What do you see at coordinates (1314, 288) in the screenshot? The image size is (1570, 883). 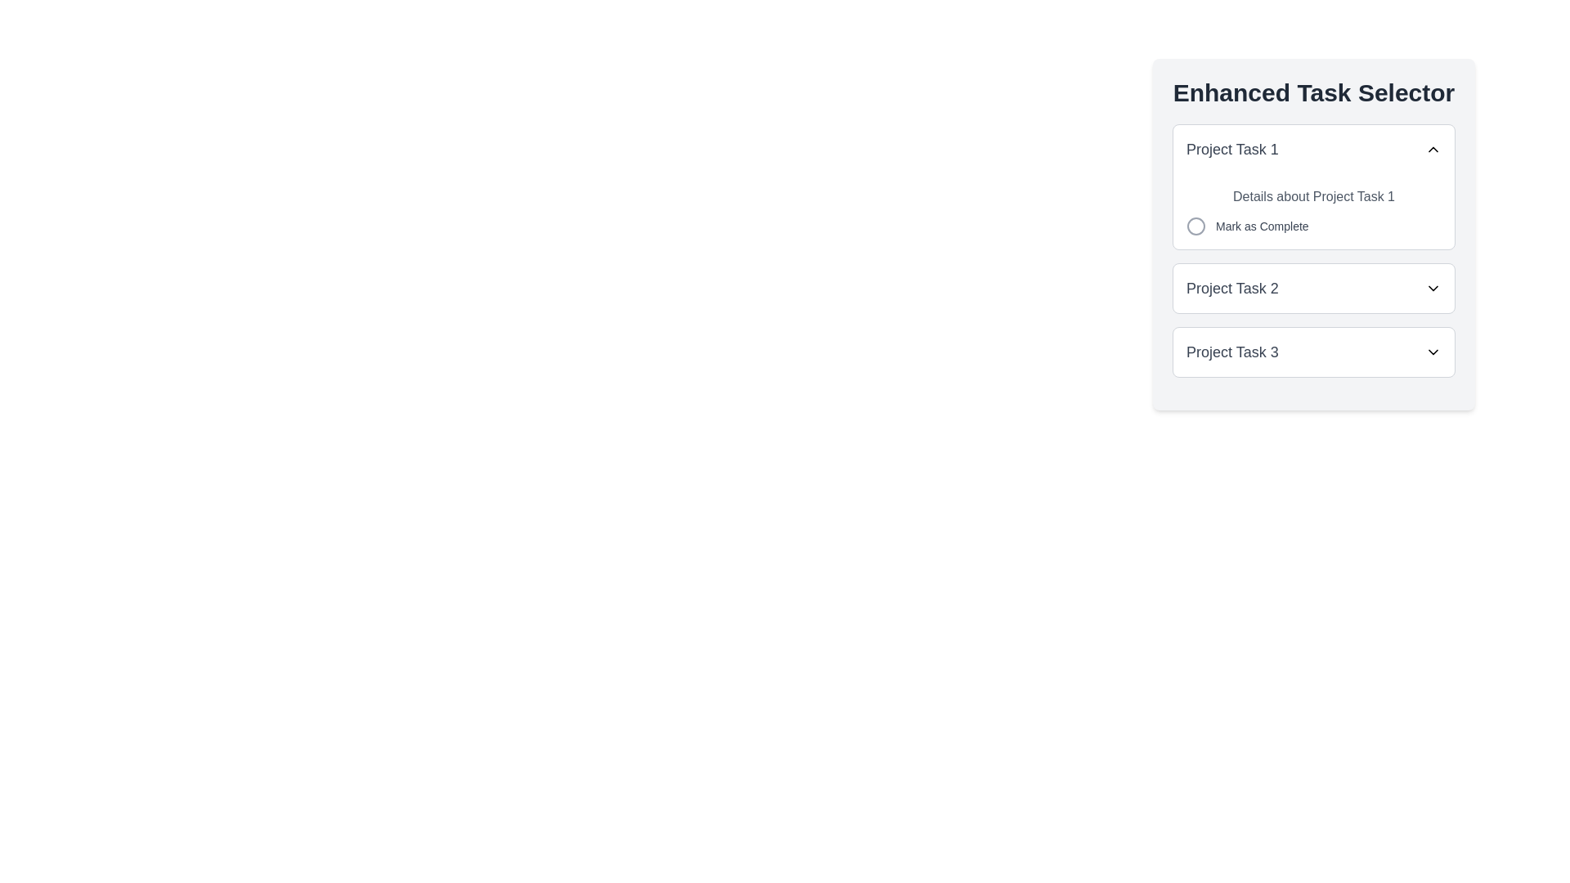 I see `the list item labeled 'Project Task 2'` at bounding box center [1314, 288].